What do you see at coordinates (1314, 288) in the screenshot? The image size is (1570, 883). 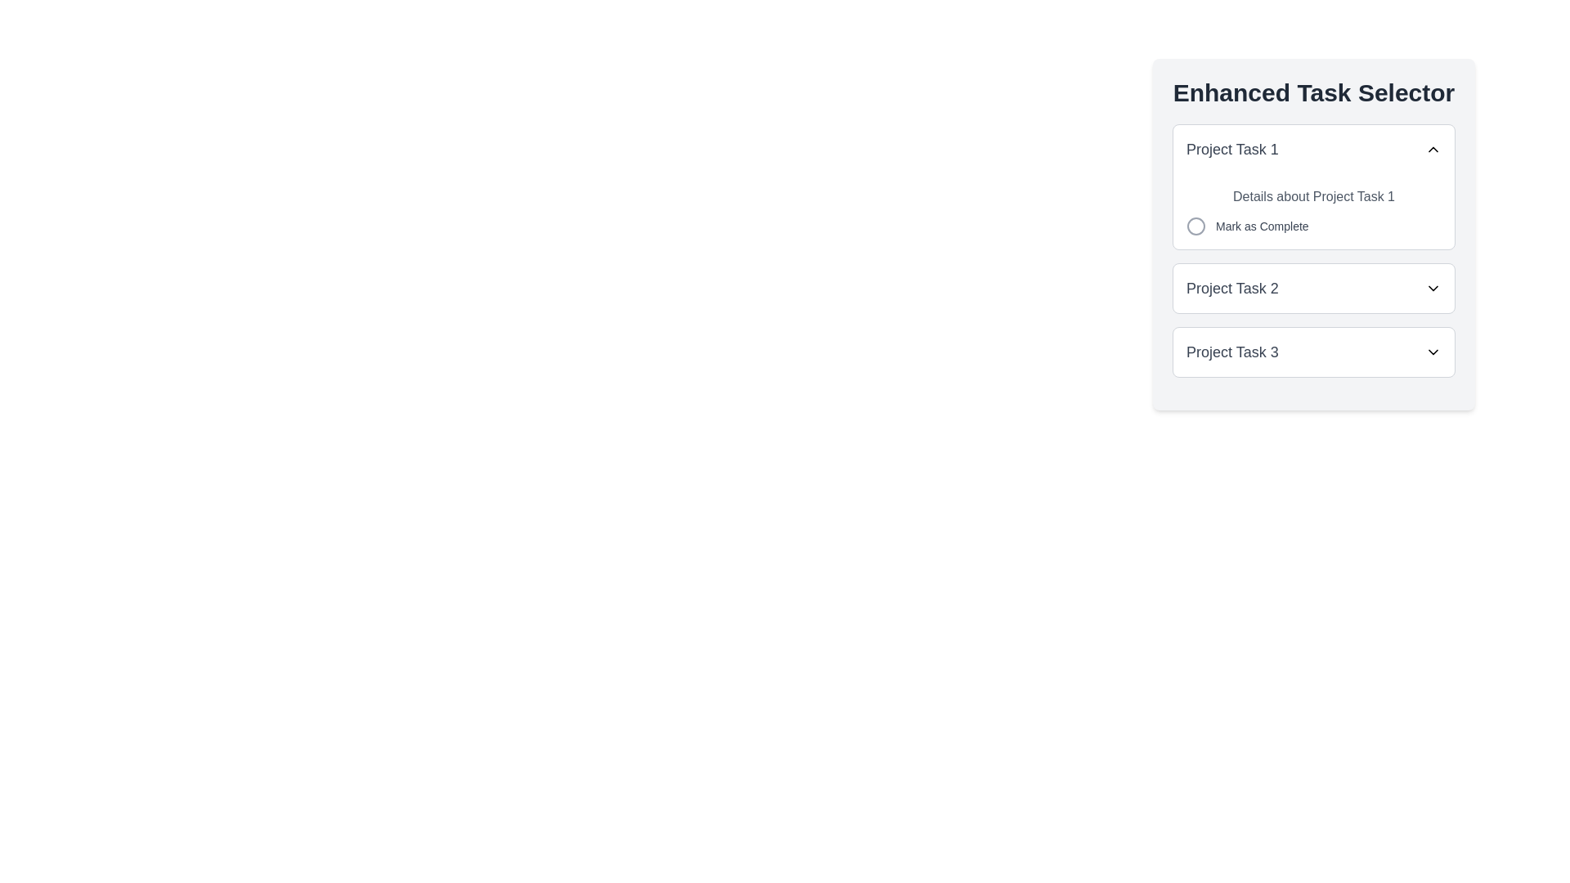 I see `the list item labeled 'Project Task 2'` at bounding box center [1314, 288].